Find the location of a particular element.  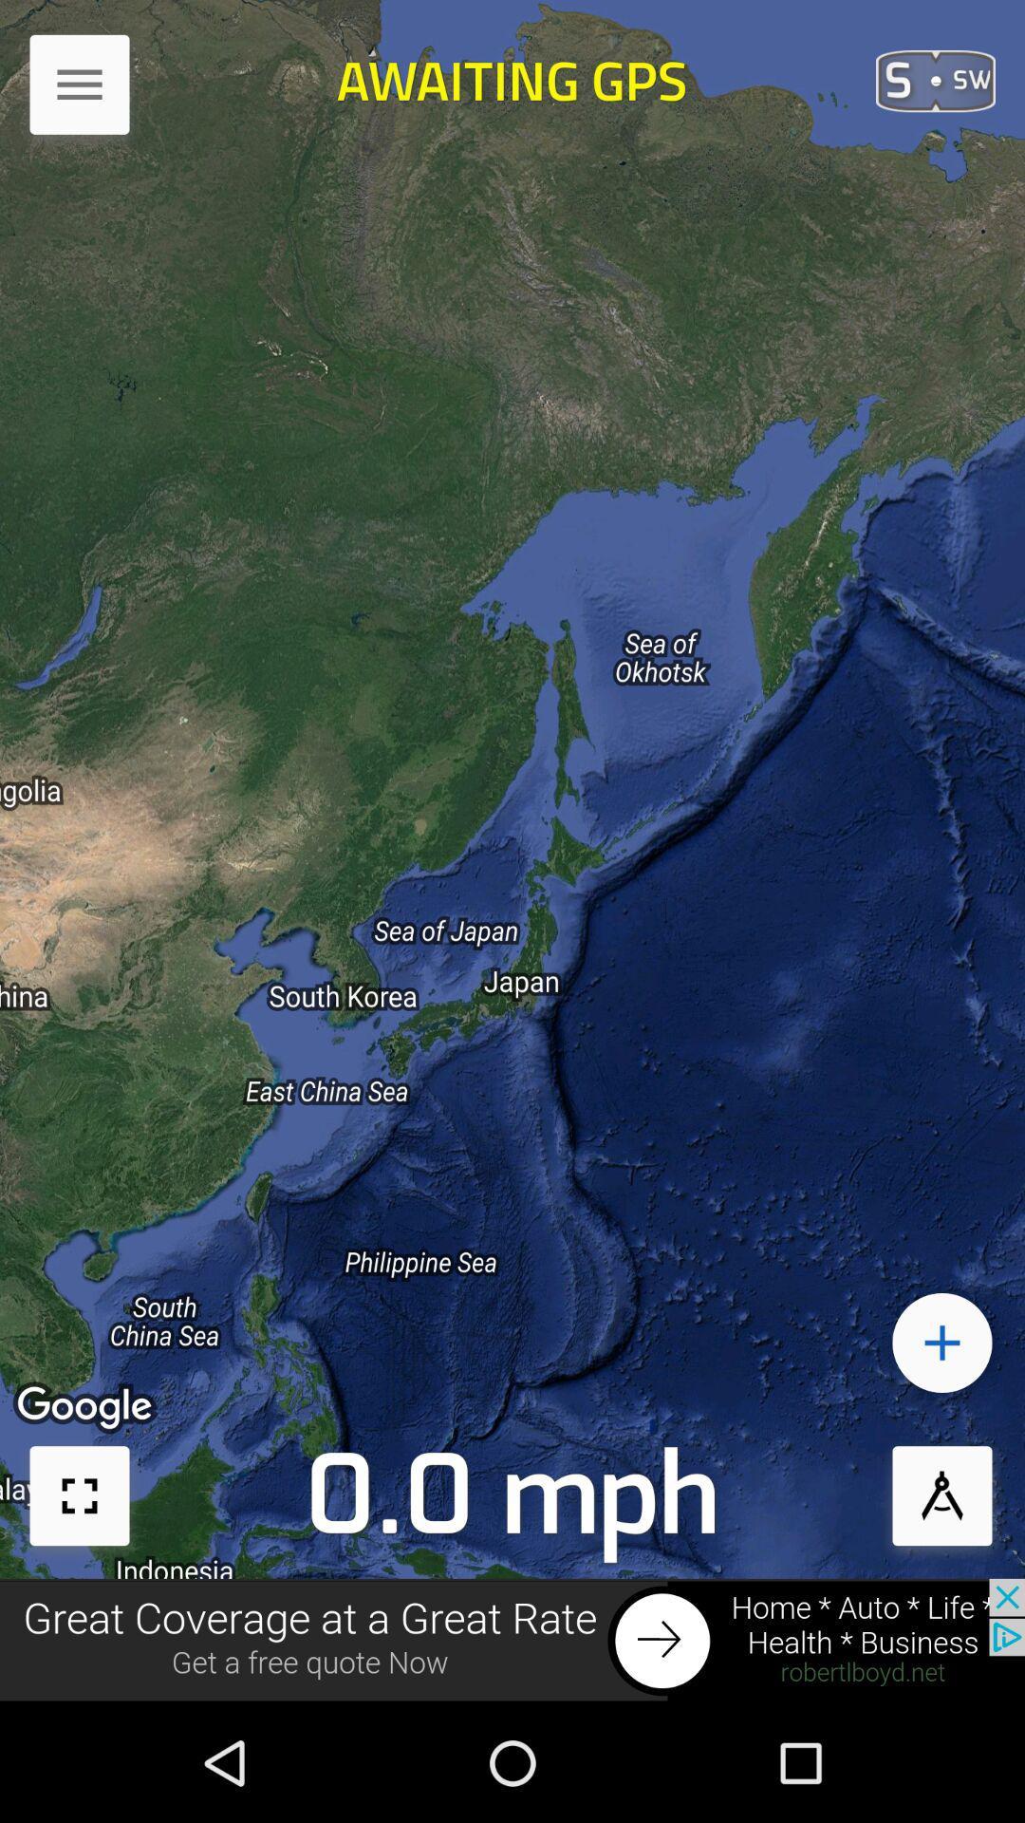

the fullscreen icon is located at coordinates (80, 1501).